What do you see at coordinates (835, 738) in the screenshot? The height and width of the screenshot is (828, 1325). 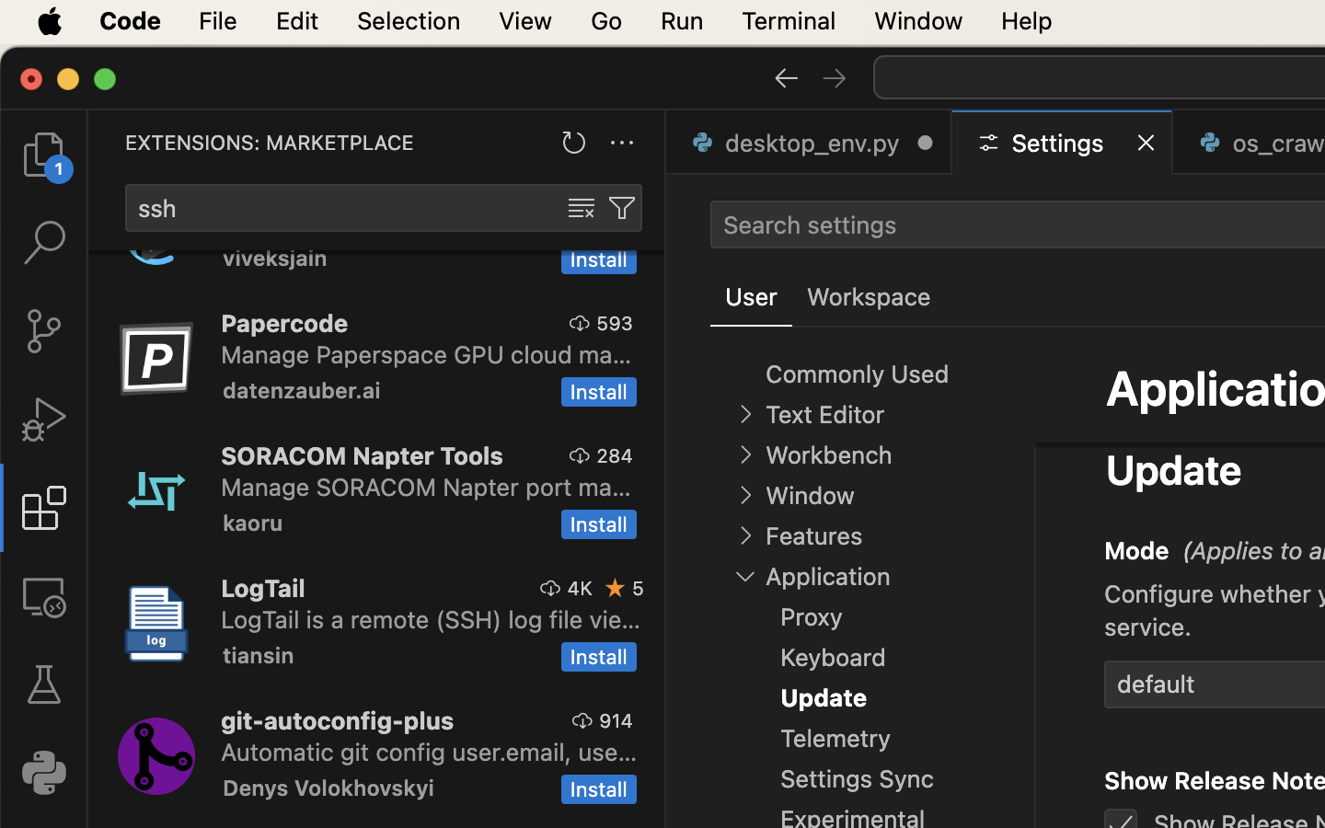 I see `'Telemetry'` at bounding box center [835, 738].